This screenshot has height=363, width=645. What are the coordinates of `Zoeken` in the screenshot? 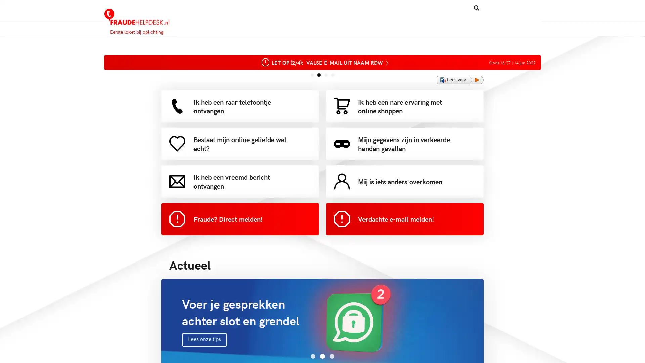 It's located at (450, 8).